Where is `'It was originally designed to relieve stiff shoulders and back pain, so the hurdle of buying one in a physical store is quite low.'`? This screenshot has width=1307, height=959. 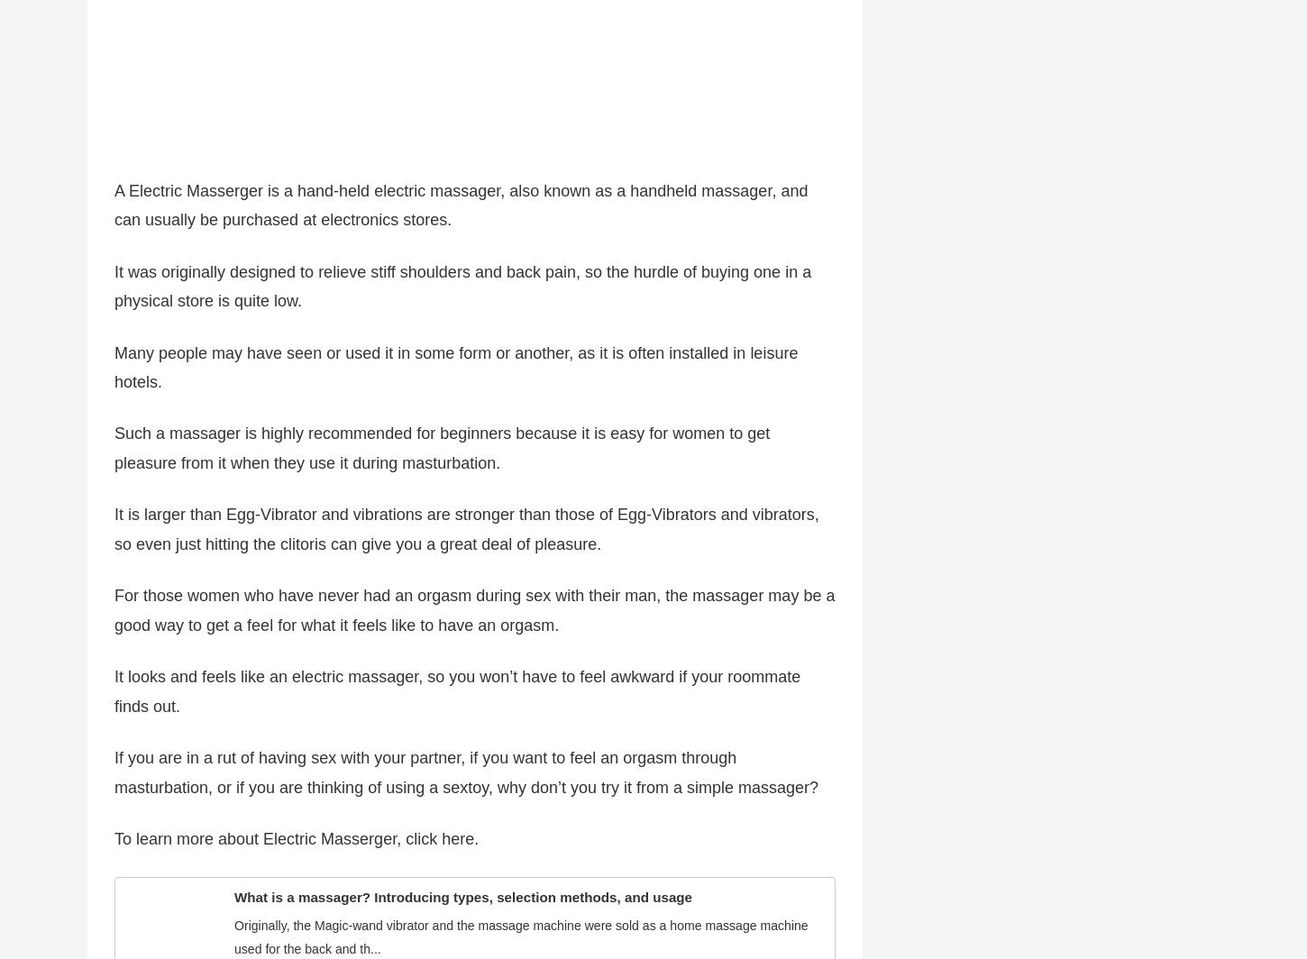
'It was originally designed to relieve stiff shoulders and back pain, so the hurdle of buying one in a physical store is quite low.' is located at coordinates (114, 295).